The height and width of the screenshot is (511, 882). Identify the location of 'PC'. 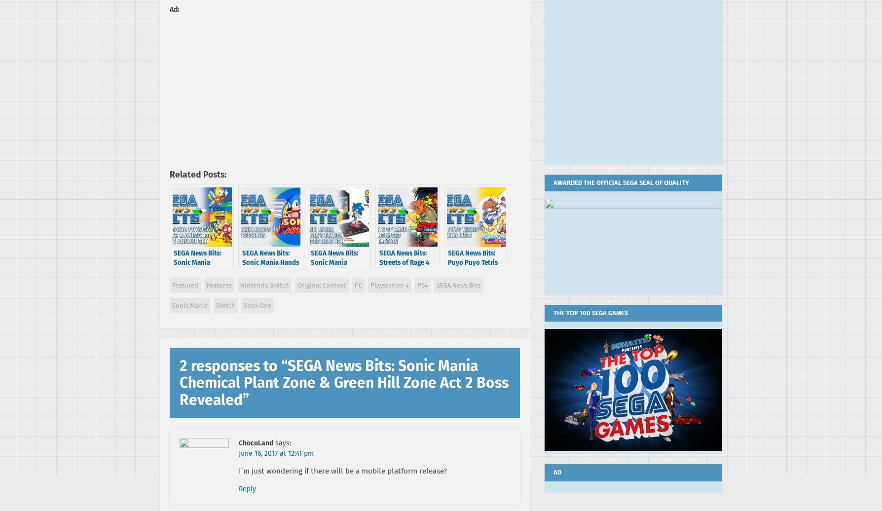
(358, 285).